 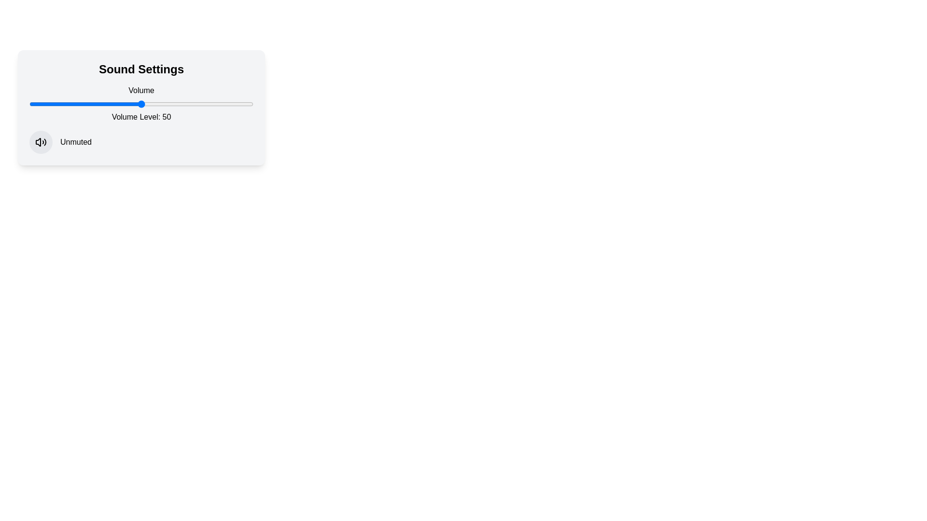 I want to click on the text label displaying 'Unmuted' located to the right of the speaker icon in the 'Sound Settings' section, so click(x=75, y=142).